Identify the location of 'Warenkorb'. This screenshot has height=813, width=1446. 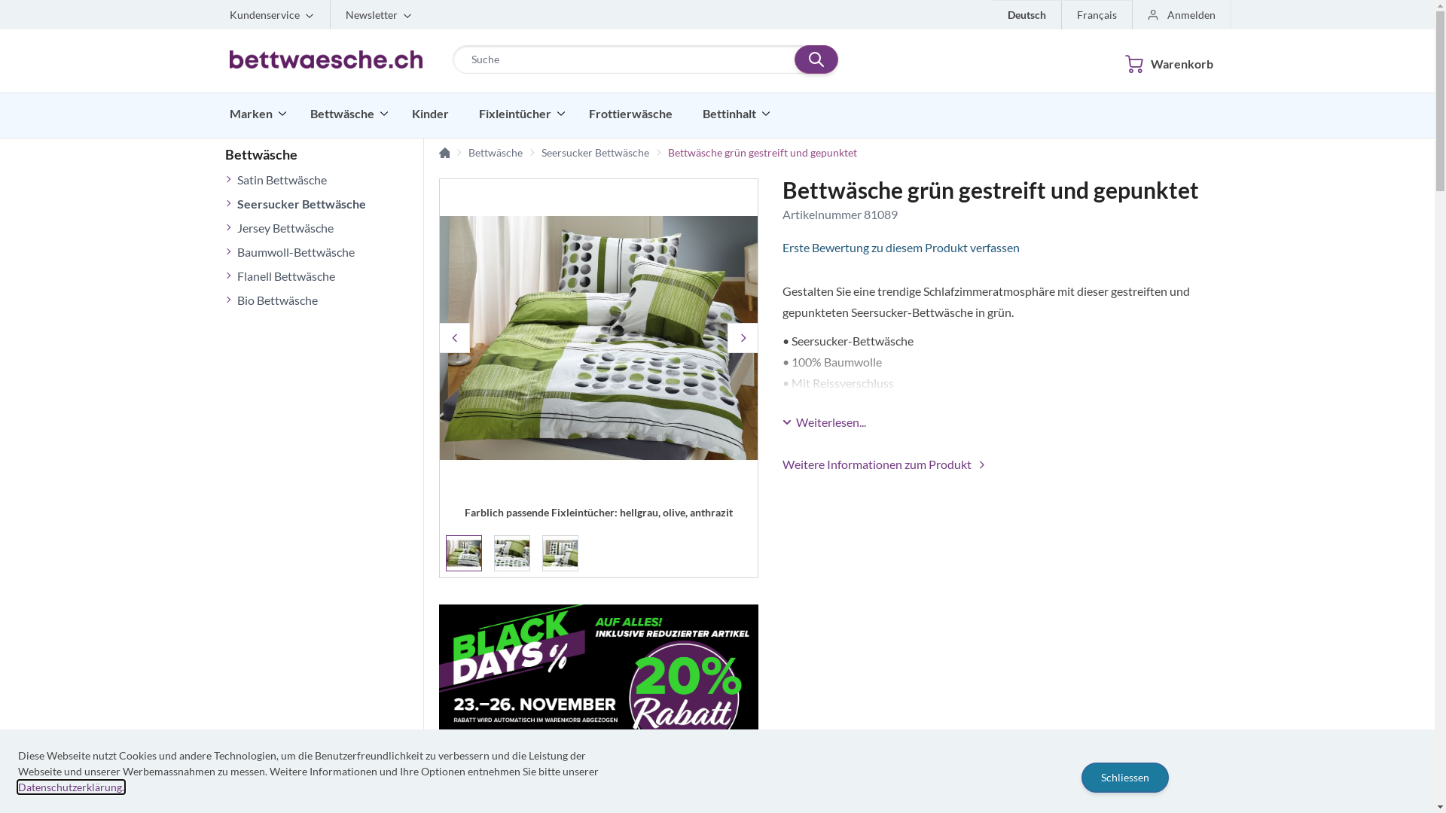
(1109, 60).